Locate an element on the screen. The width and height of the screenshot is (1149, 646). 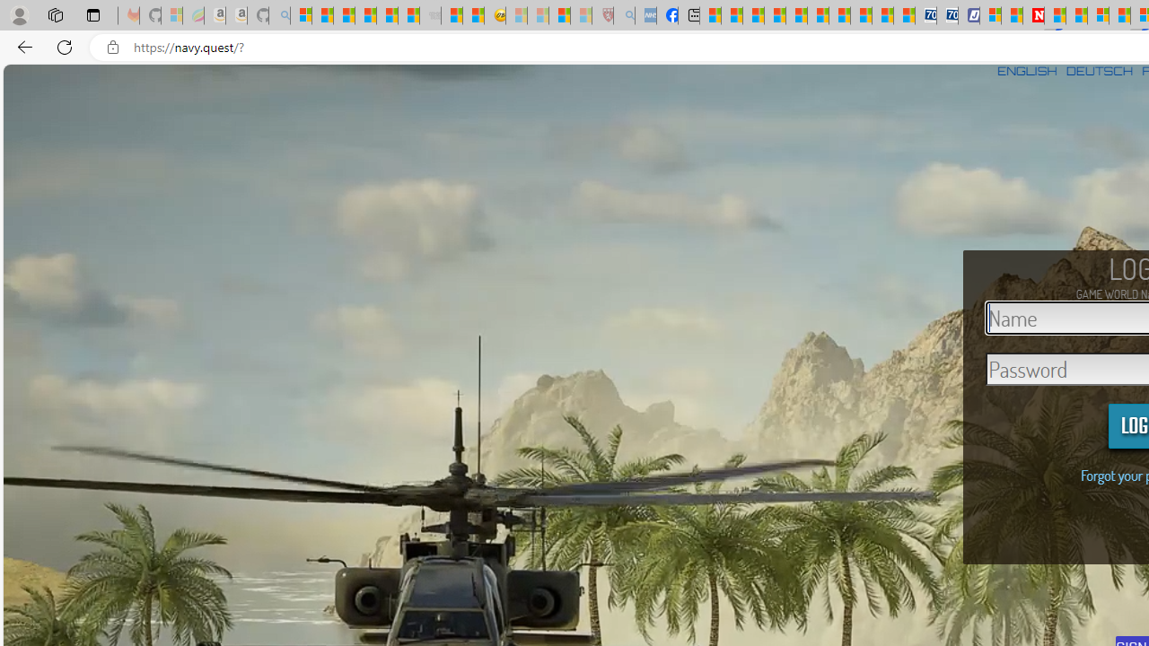
'ENGLISH' is located at coordinates (1027, 70).